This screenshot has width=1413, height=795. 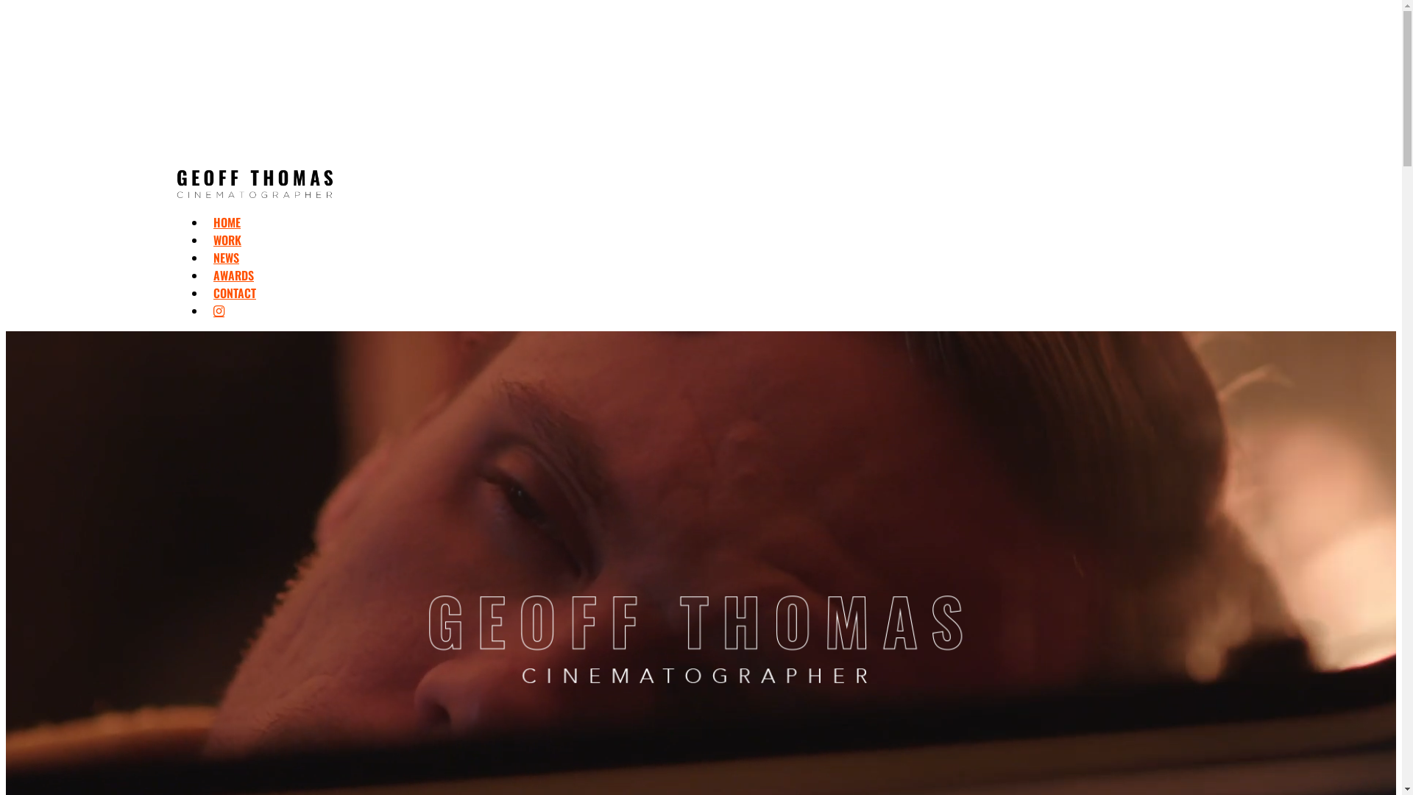 I want to click on 'HOME', so click(x=226, y=222).